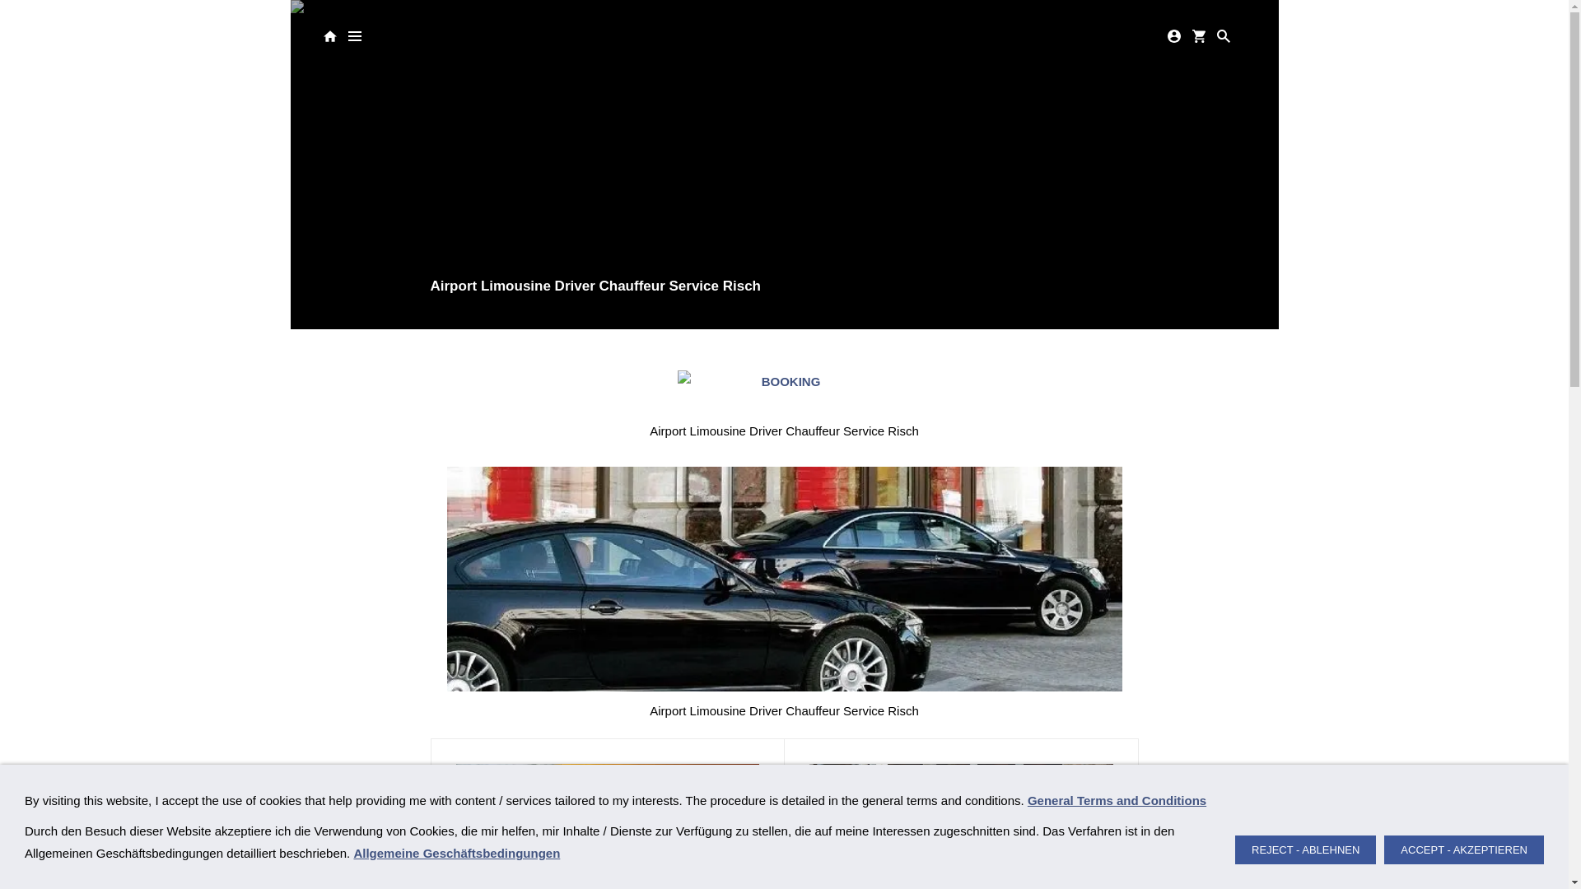 Image resolution: width=1581 pixels, height=889 pixels. What do you see at coordinates (1463, 849) in the screenshot?
I see `'ACCEPT - AKZEPTIEREN'` at bounding box center [1463, 849].